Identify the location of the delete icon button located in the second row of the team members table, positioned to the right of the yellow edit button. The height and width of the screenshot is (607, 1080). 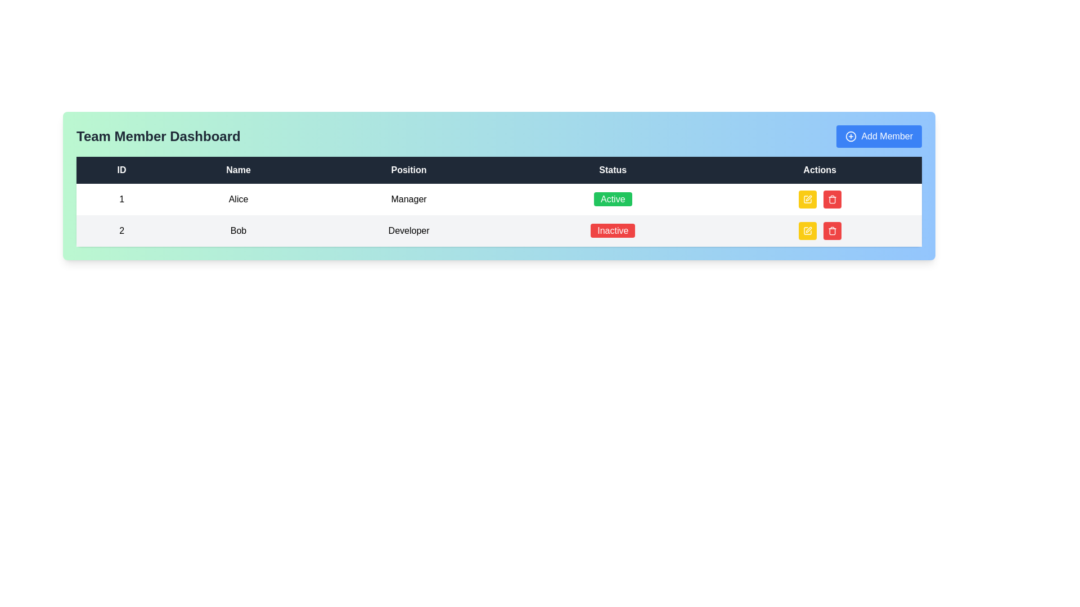
(832, 230).